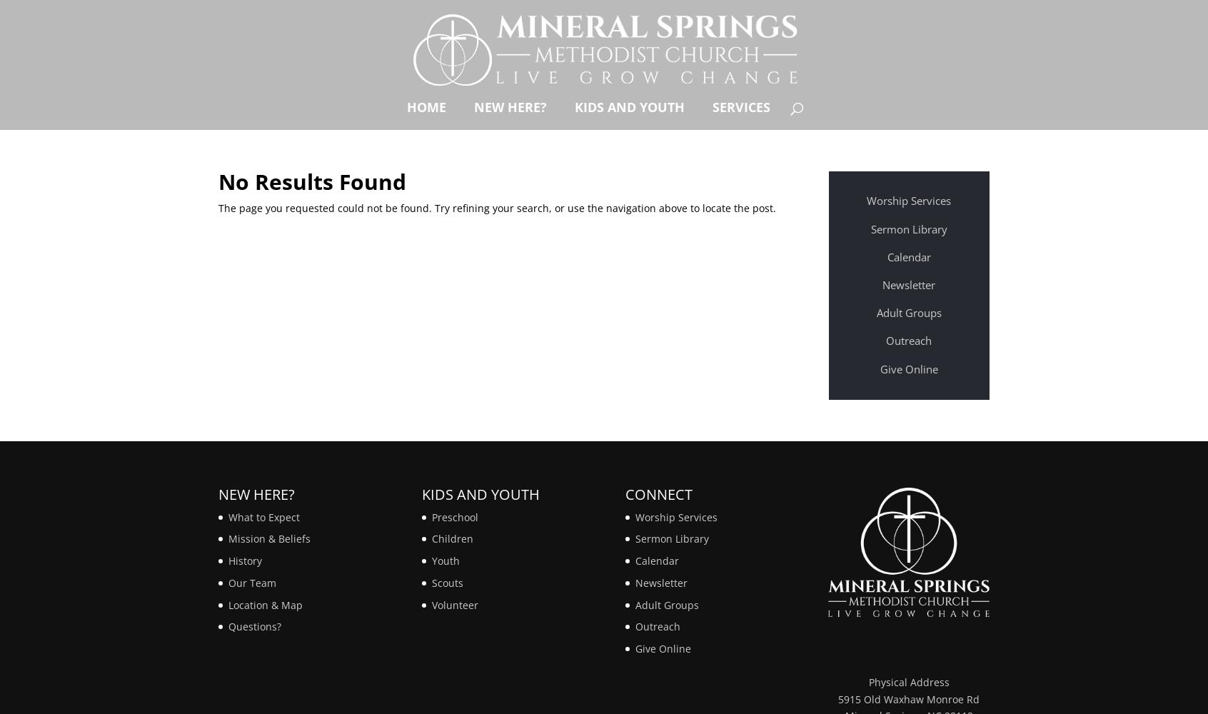  I want to click on 'Sermons', so click(772, 189).